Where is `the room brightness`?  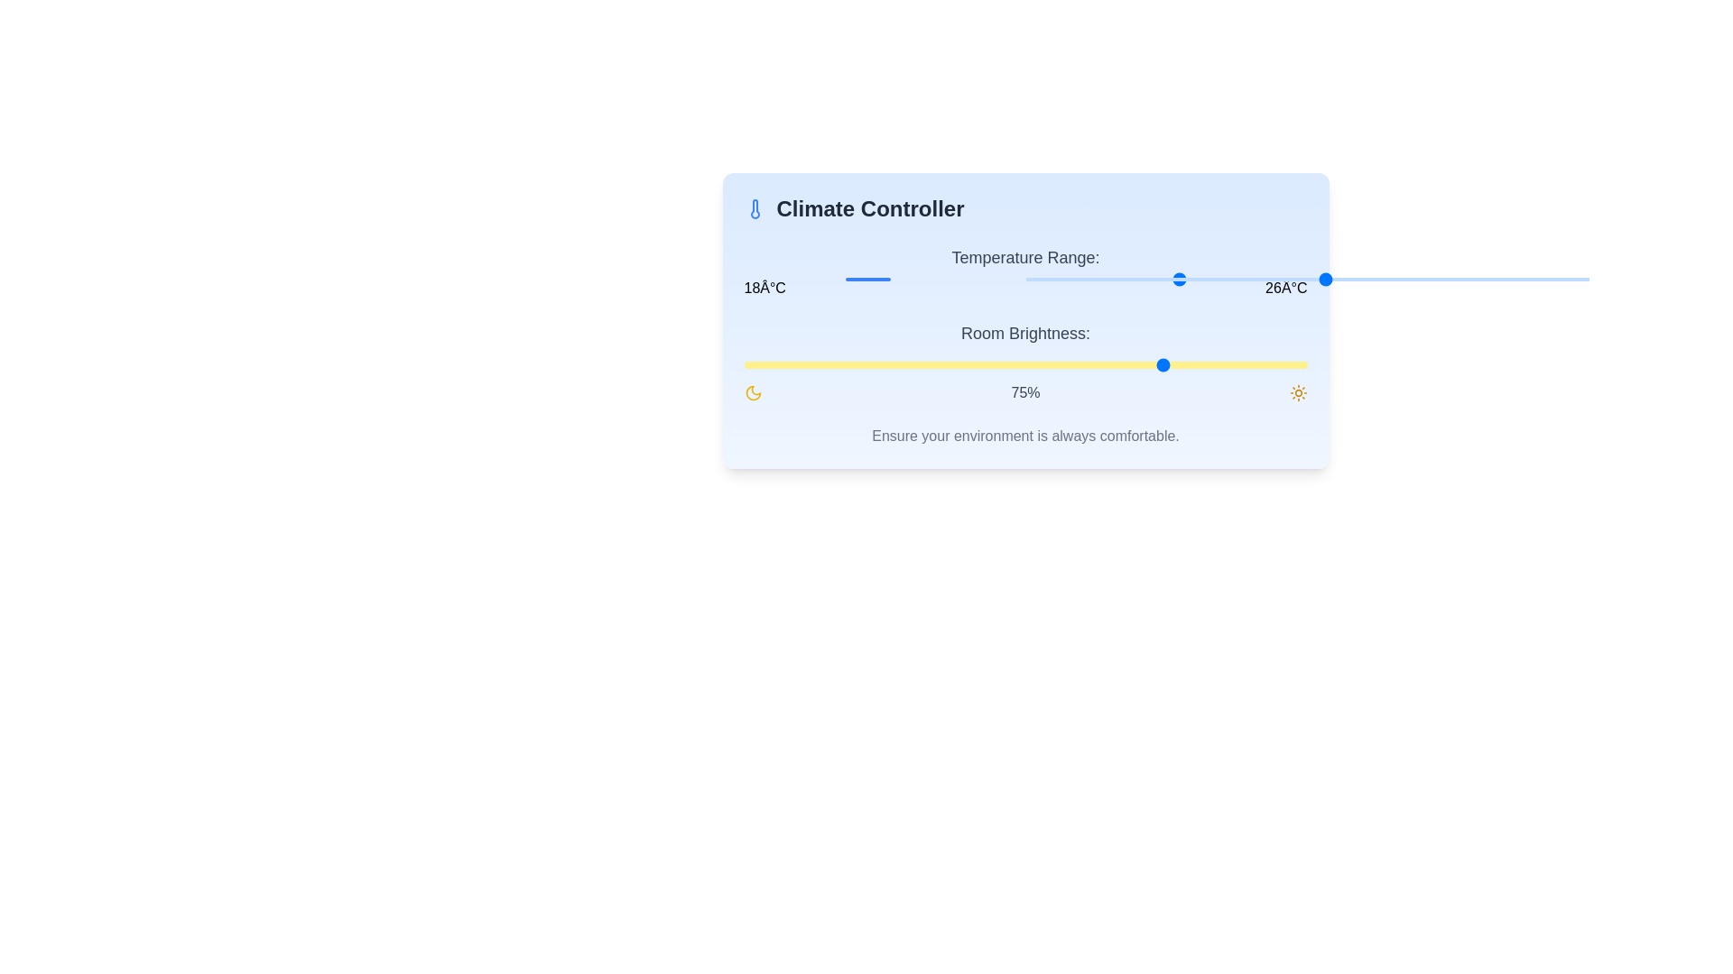
the room brightness is located at coordinates (1087, 365).